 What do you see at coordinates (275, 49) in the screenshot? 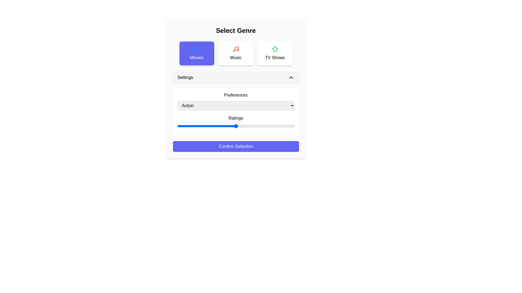
I see `the decorative icon located within the 'TV Shows' box that signifies related content or functionalities` at bounding box center [275, 49].